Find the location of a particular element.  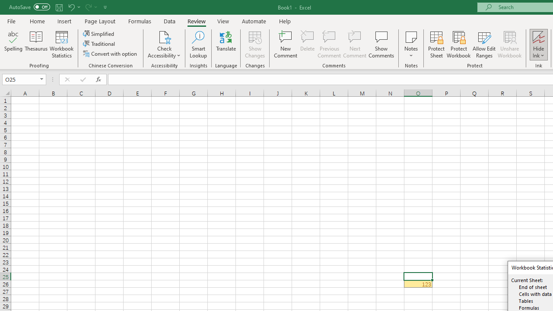

'New Comment' is located at coordinates (286, 44).